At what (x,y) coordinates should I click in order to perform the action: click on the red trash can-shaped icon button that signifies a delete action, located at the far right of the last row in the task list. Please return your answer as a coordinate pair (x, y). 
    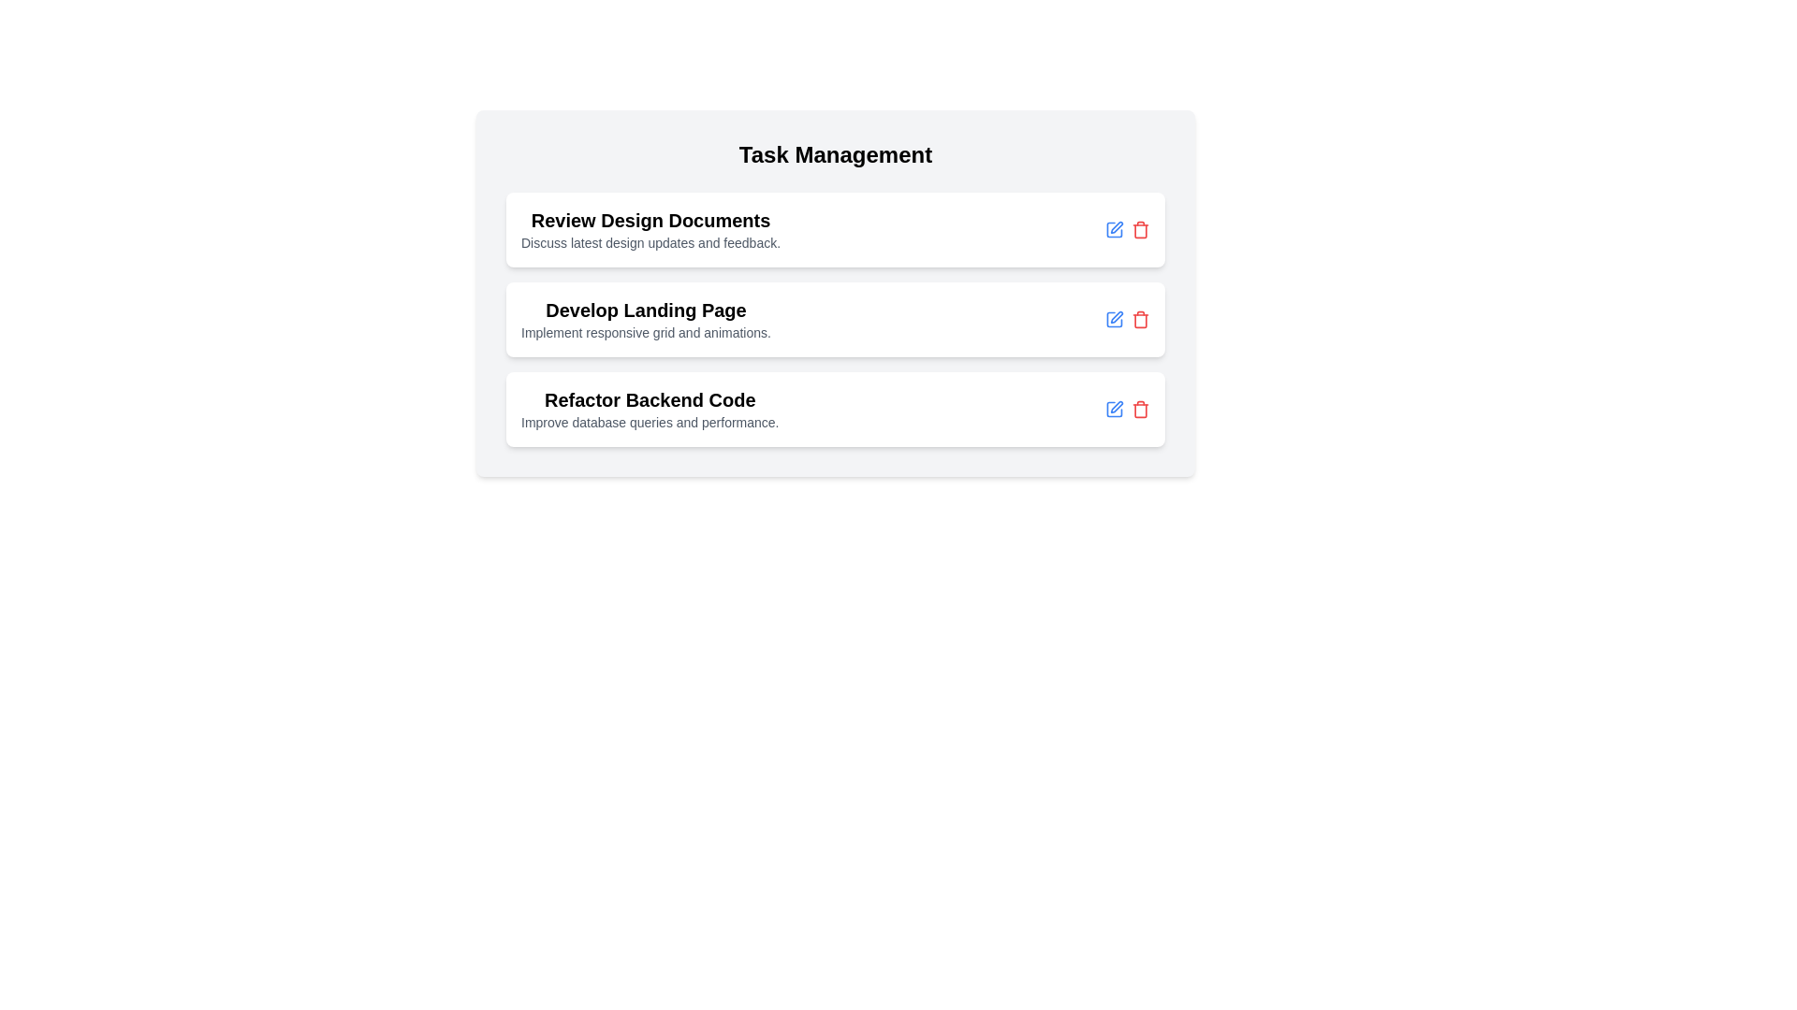
    Looking at the image, I should click on (1140, 229).